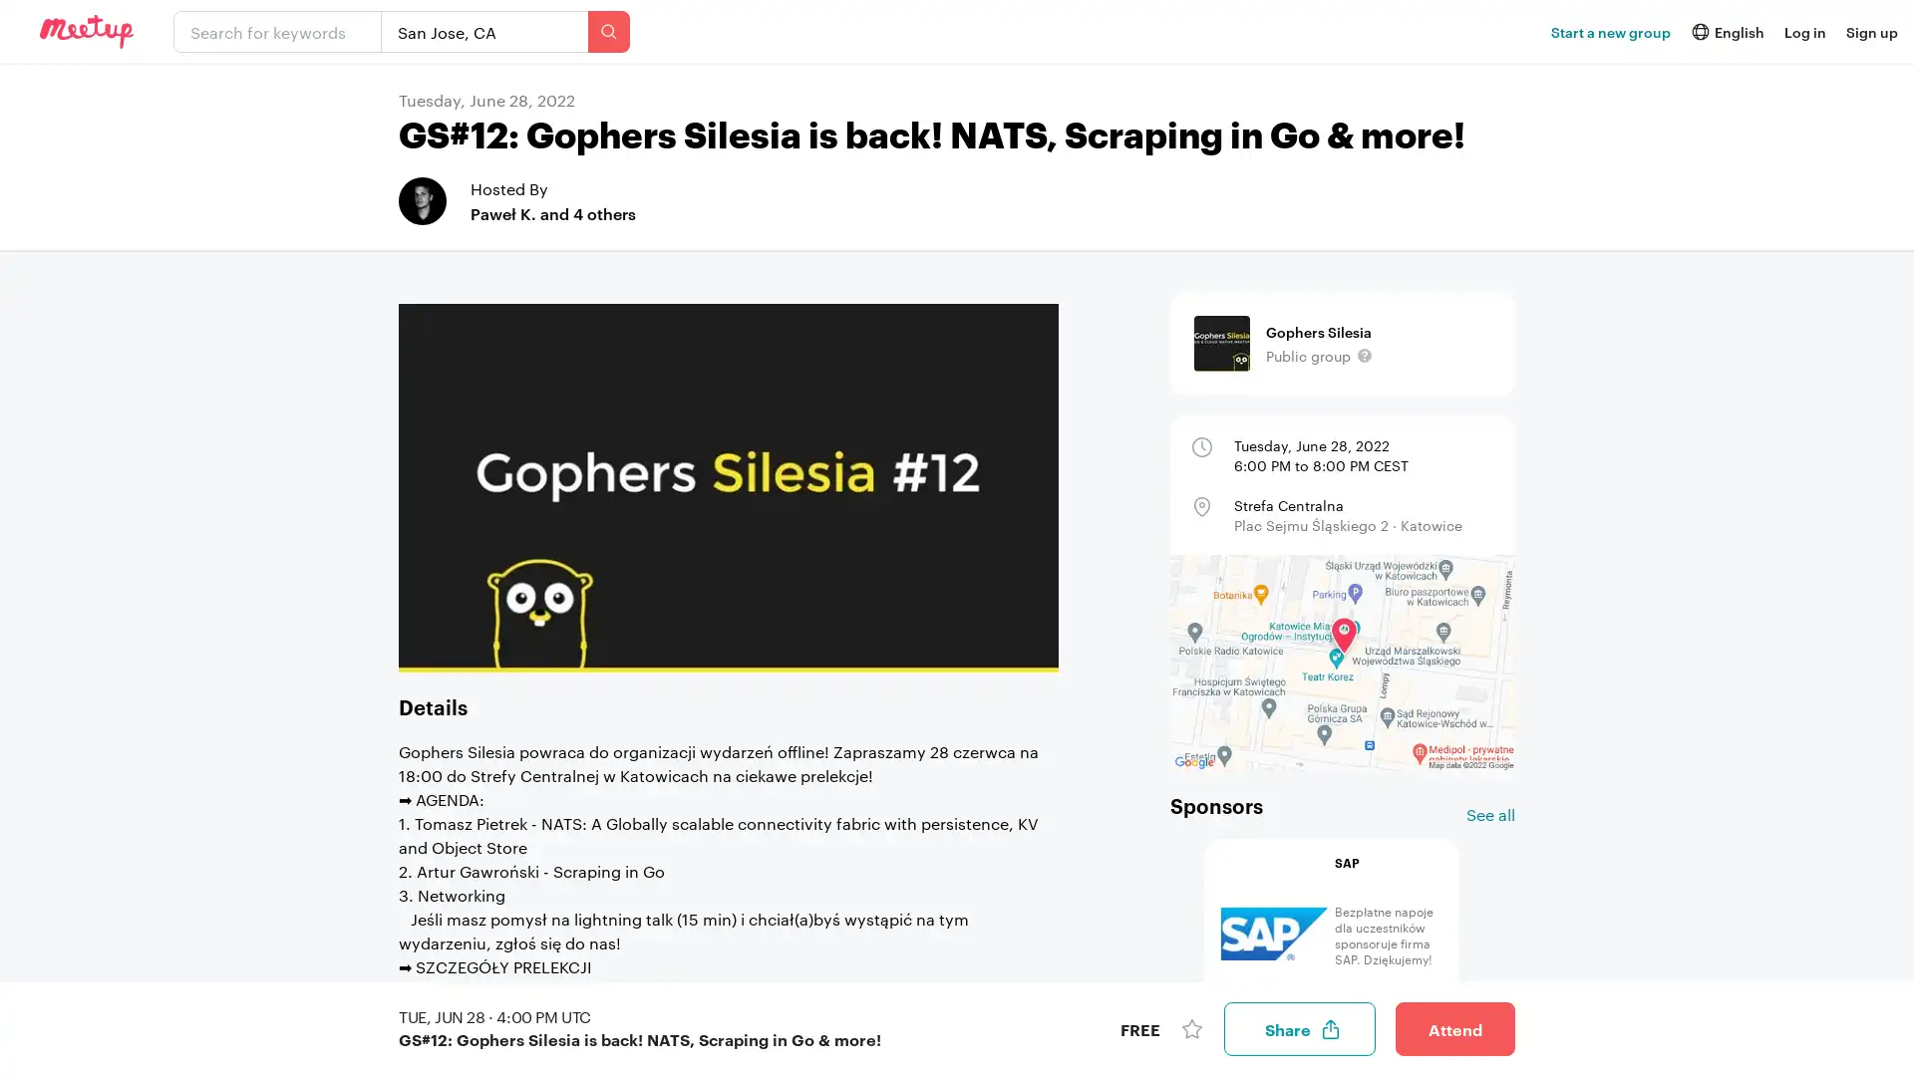 This screenshot has width=1914, height=1076. I want to click on Attend, so click(1454, 1029).